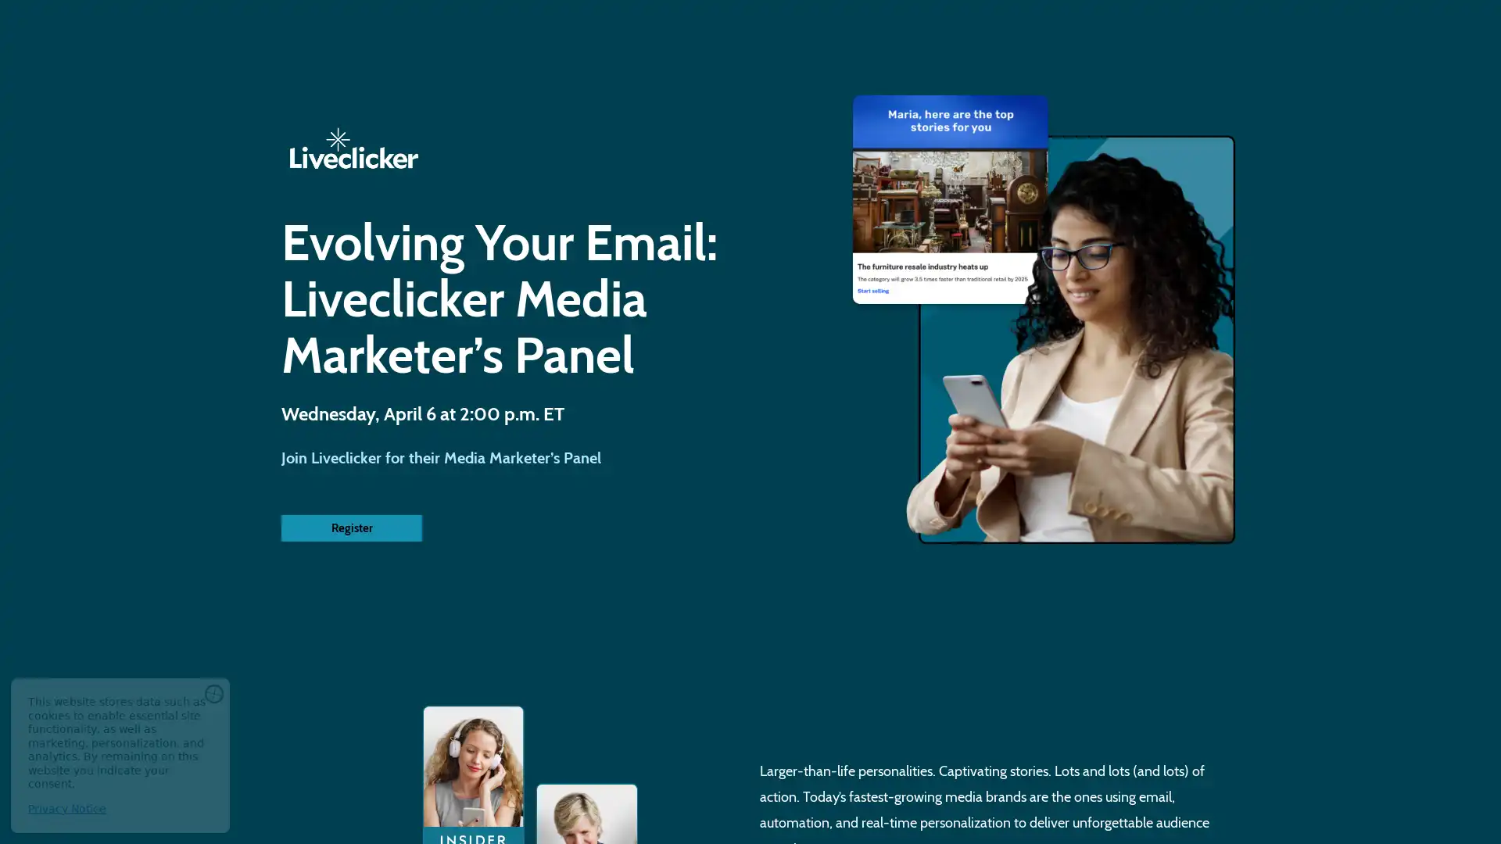 Image resolution: width=1501 pixels, height=844 pixels. Describe the element at coordinates (351, 527) in the screenshot. I see `Register` at that location.